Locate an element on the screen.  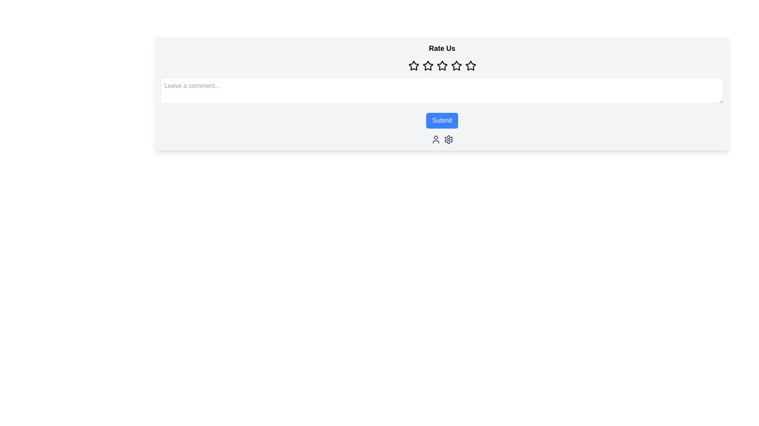
the third star icon in the rating system is located at coordinates (442, 65).